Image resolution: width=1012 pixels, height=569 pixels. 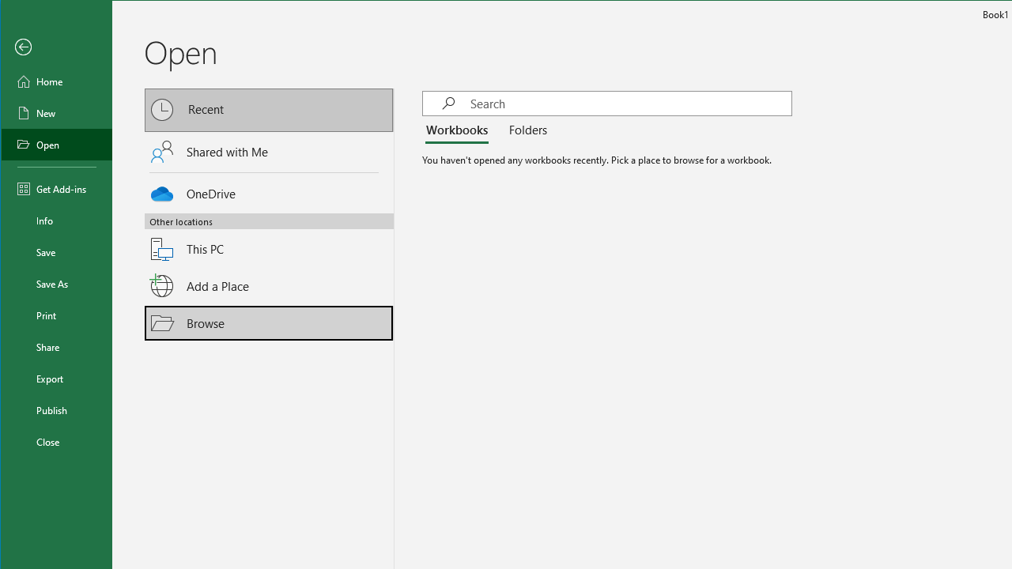 I want to click on 'Publish', so click(x=57, y=409).